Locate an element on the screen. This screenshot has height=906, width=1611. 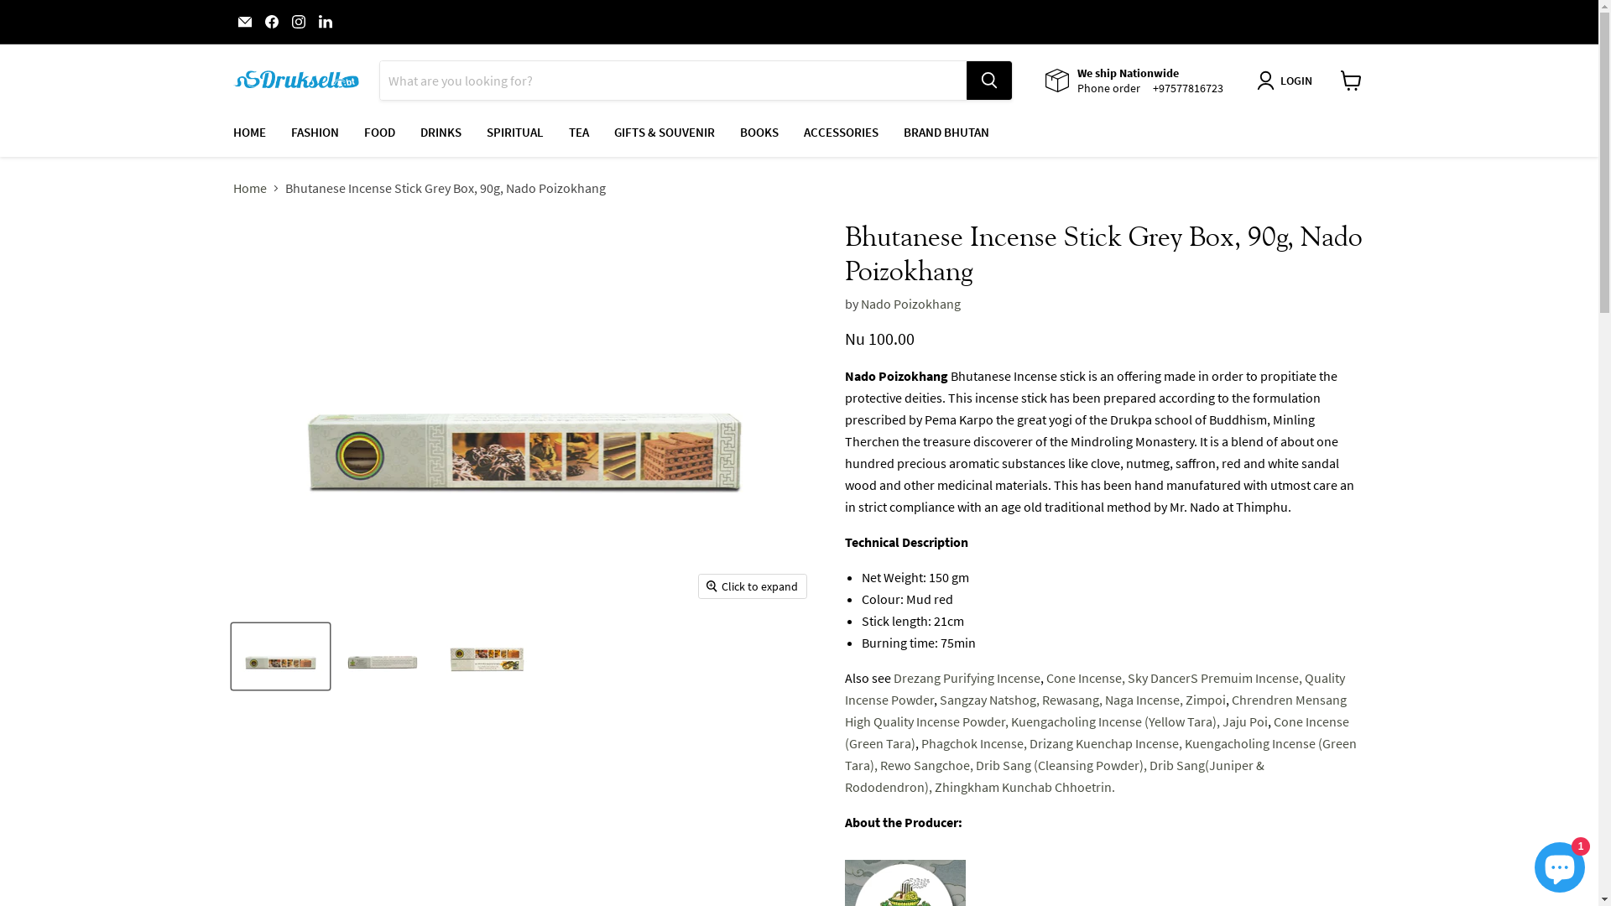
'BOOKS' is located at coordinates (757, 132).